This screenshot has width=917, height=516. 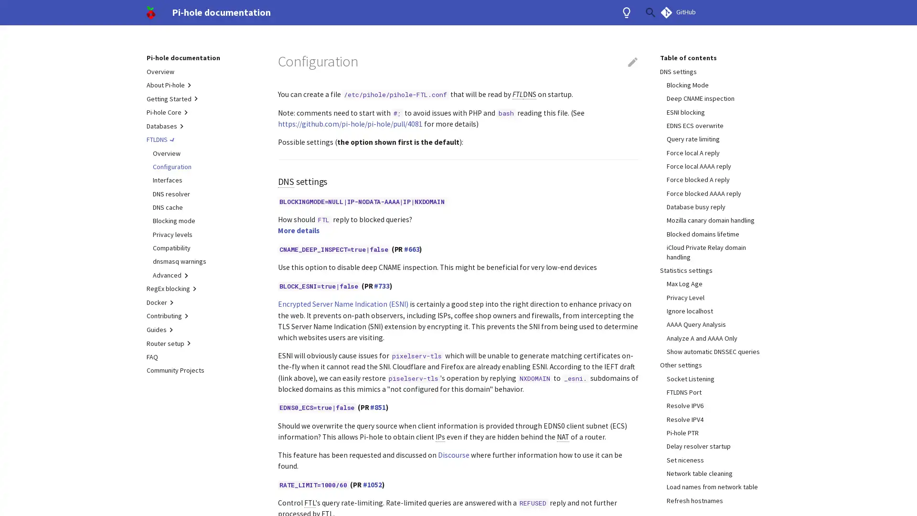 I want to click on Clear, so click(x=628, y=12).